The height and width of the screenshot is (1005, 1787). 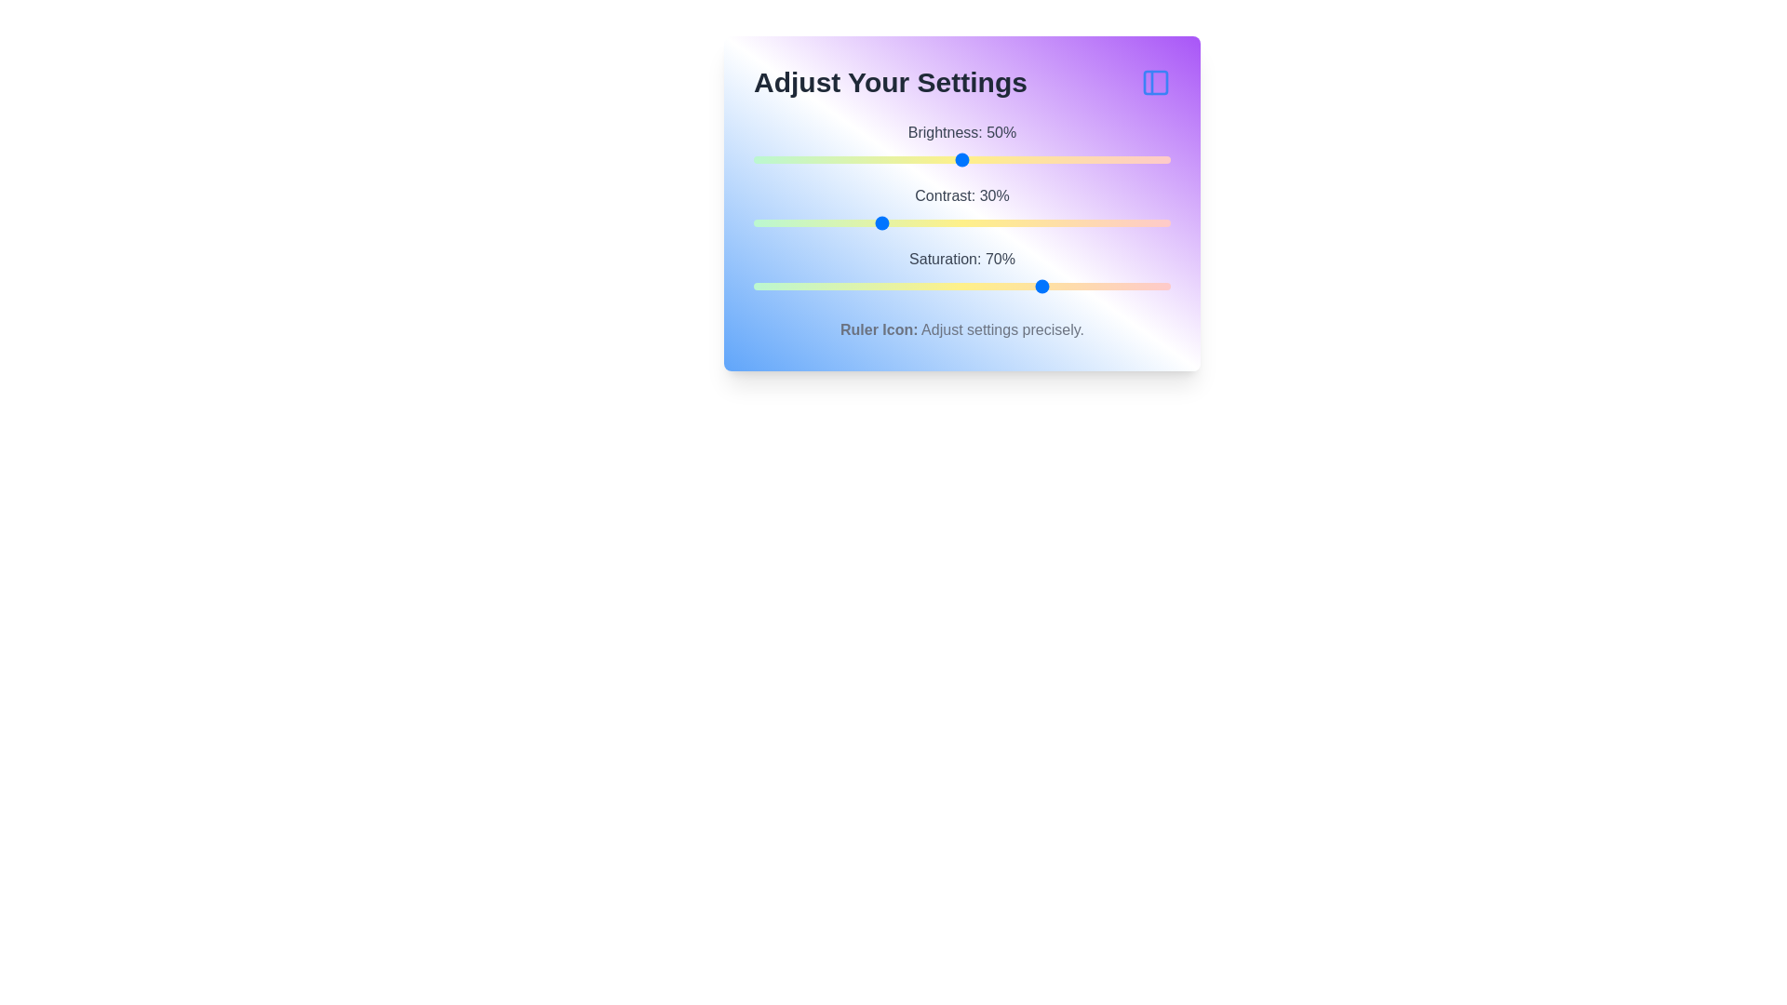 What do you see at coordinates (1155, 81) in the screenshot?
I see `the sidebar icon at the top-right corner of the component` at bounding box center [1155, 81].